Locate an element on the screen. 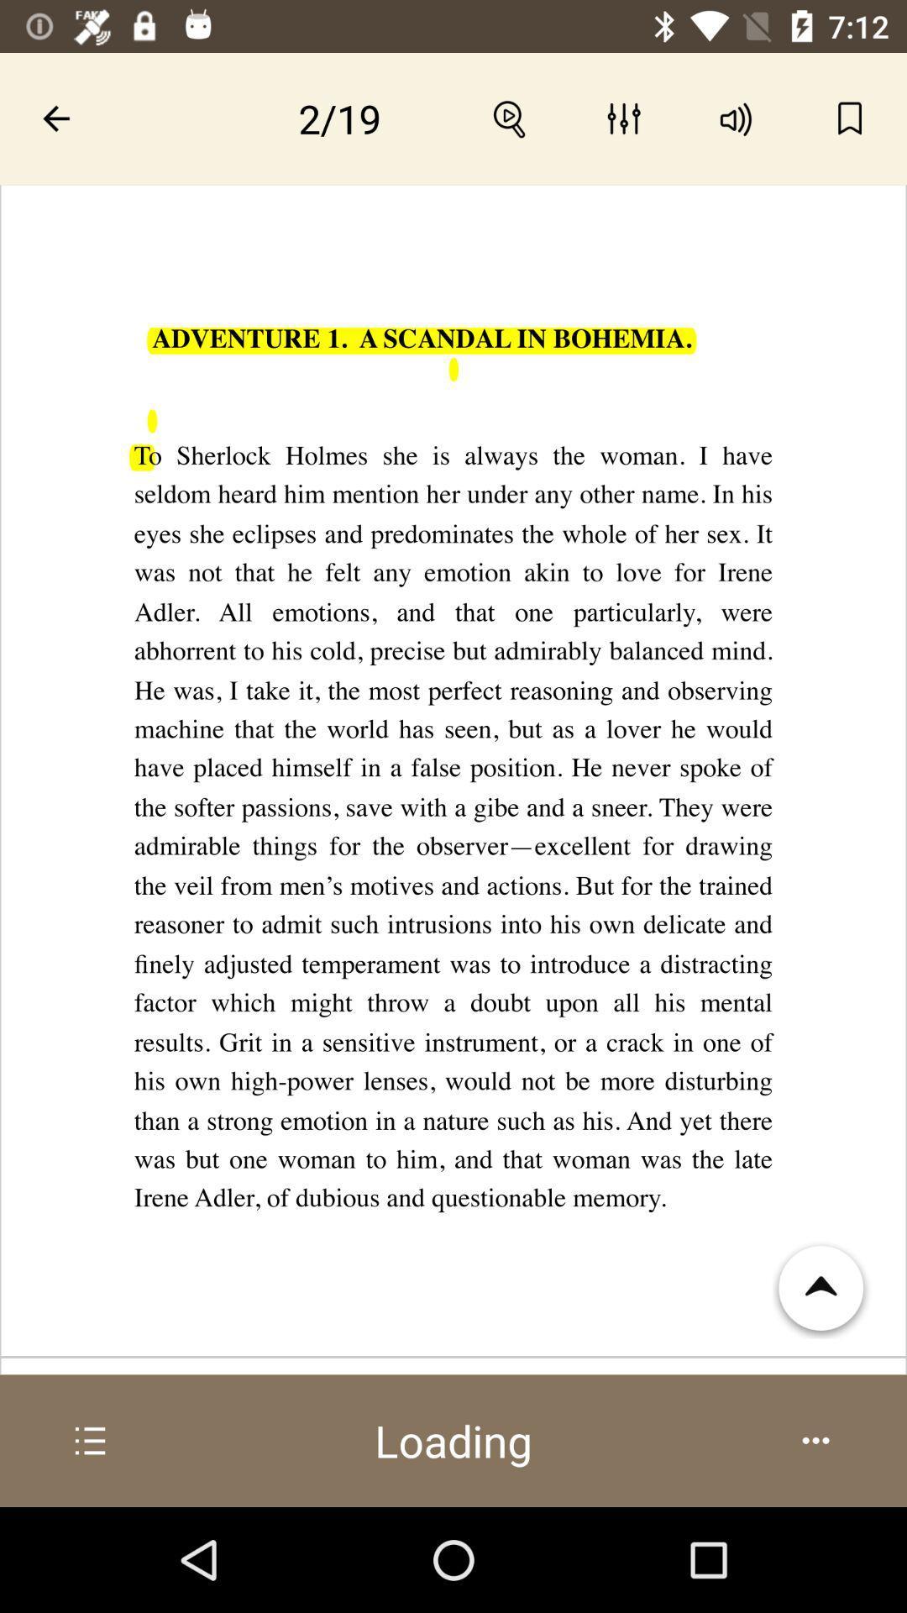  previous is located at coordinates (55, 118).